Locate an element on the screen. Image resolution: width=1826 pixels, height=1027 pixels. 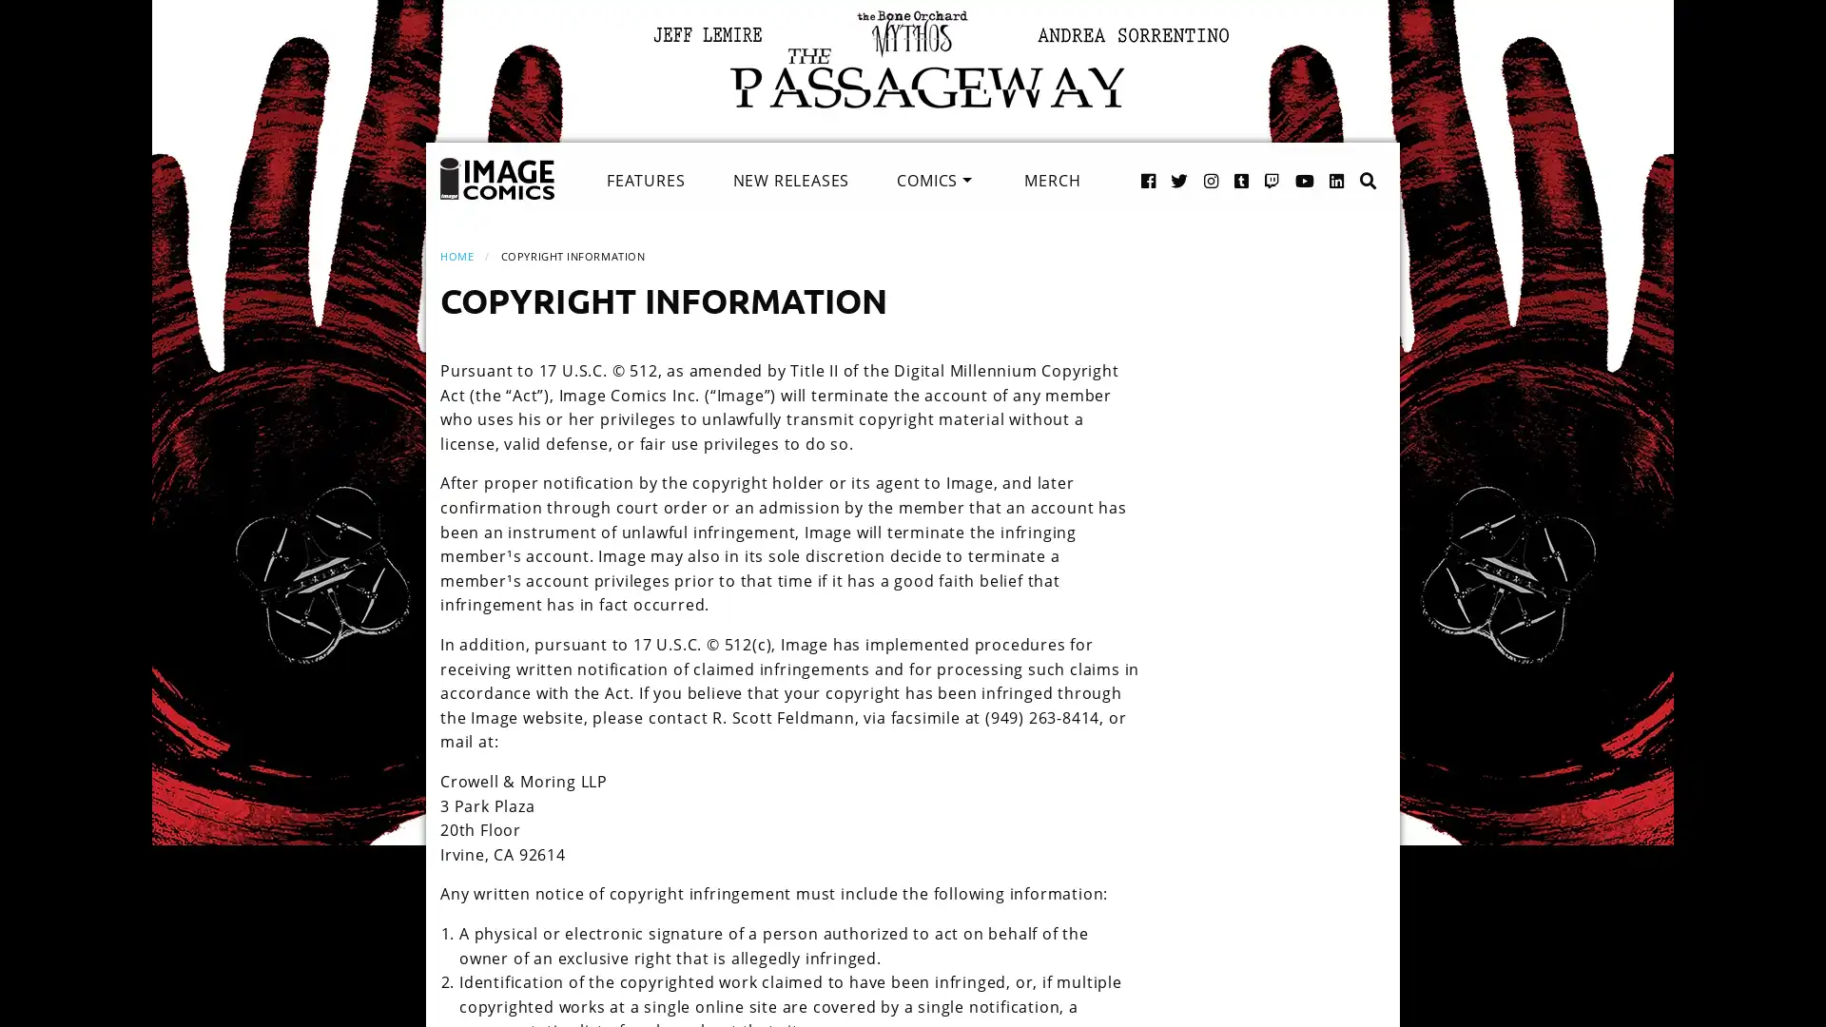
Search is located at coordinates (1348, 160).